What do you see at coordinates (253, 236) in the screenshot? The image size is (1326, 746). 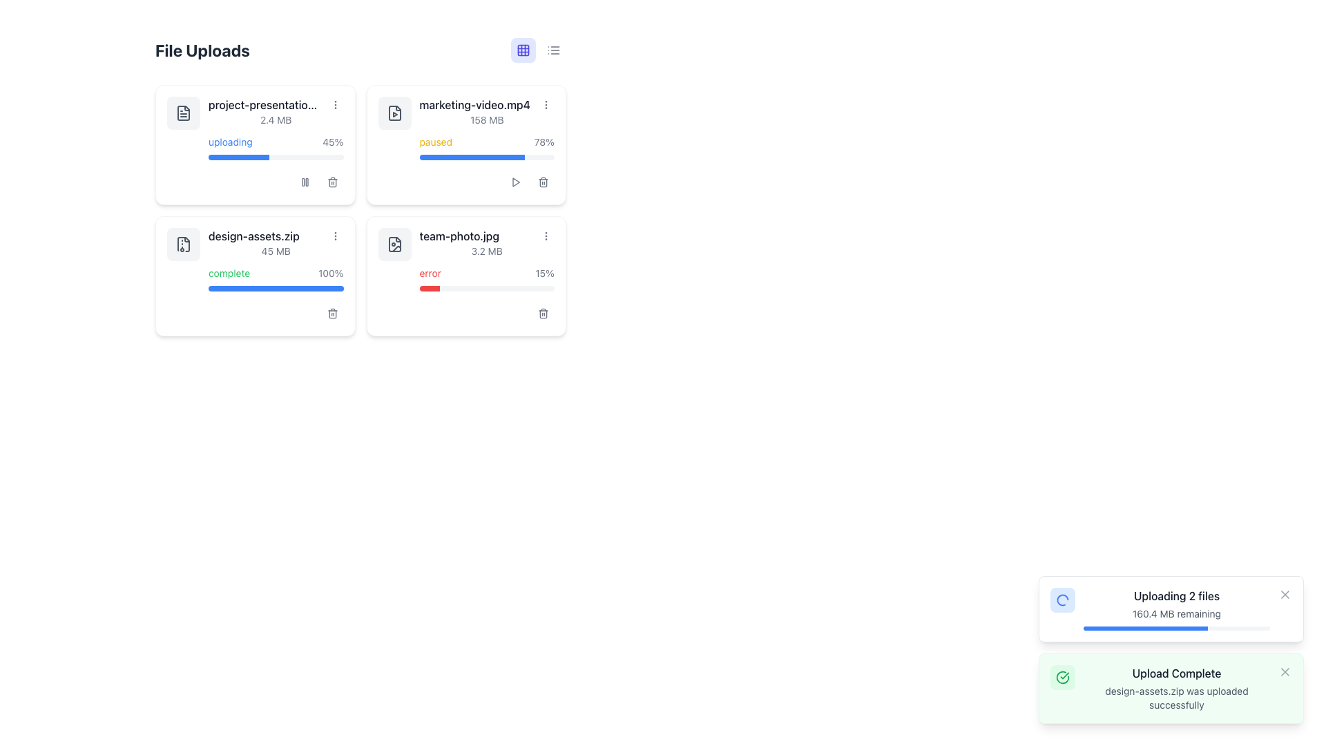 I see `the text label displaying the file name 'design-assets.zip', which is styled in bold gray font and is part of a grid layout in the bottom-left quadrant` at bounding box center [253, 236].